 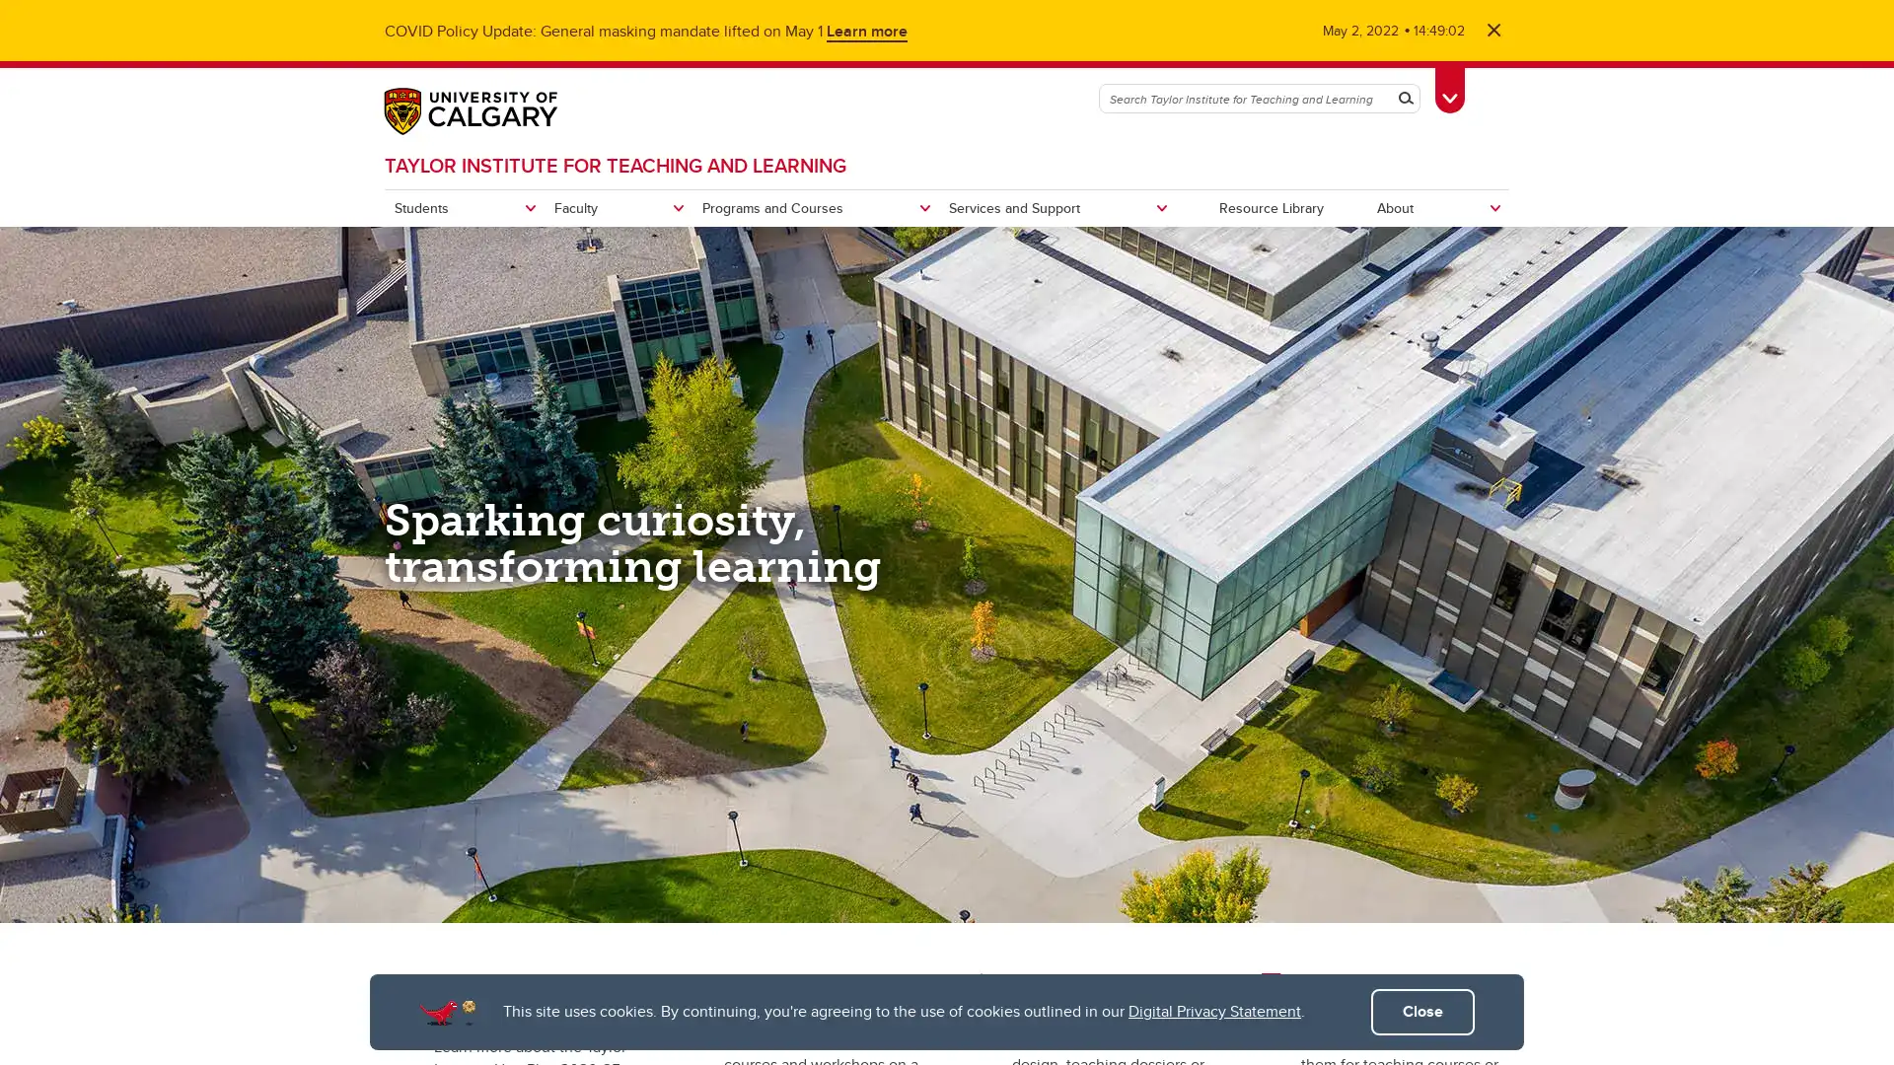 What do you see at coordinates (1405, 99) in the screenshot?
I see `Search` at bounding box center [1405, 99].